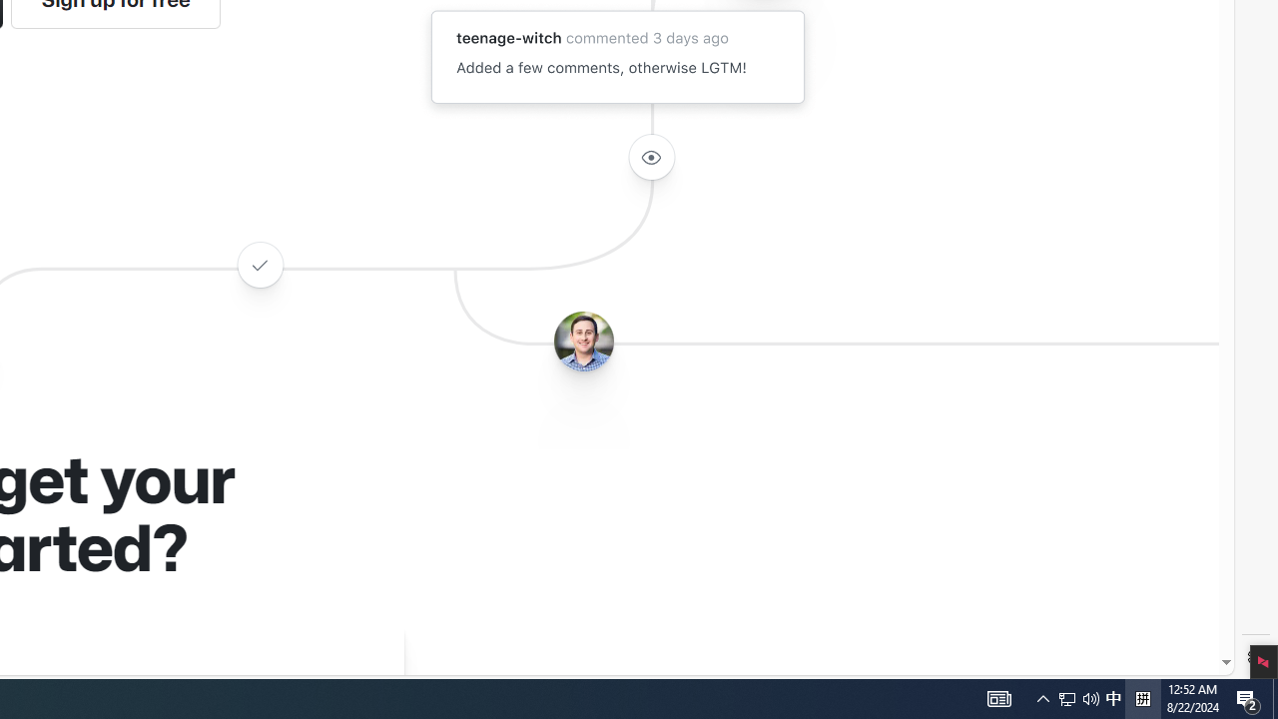 The width and height of the screenshot is (1278, 719). What do you see at coordinates (582, 341) in the screenshot?
I see `'Avatar of the user benbalter'` at bounding box center [582, 341].